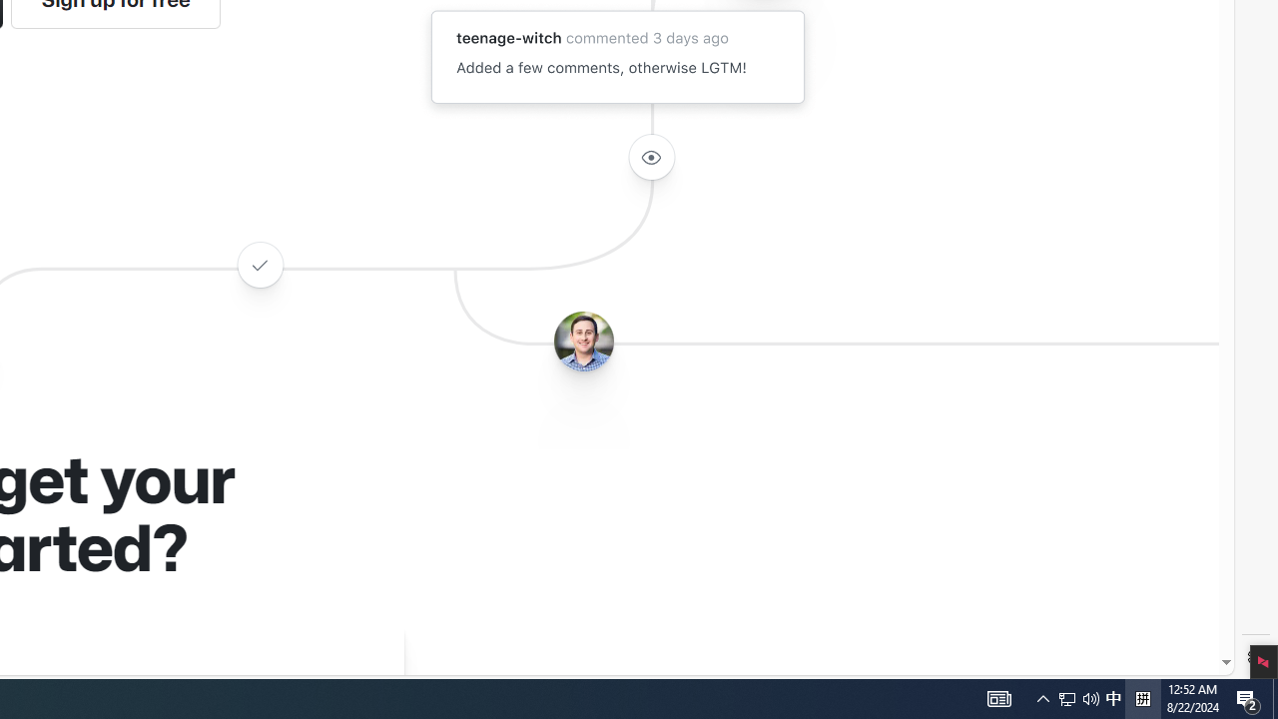 The width and height of the screenshot is (1278, 719). What do you see at coordinates (582, 341) in the screenshot?
I see `'Avatar of the user benbalter'` at bounding box center [582, 341].